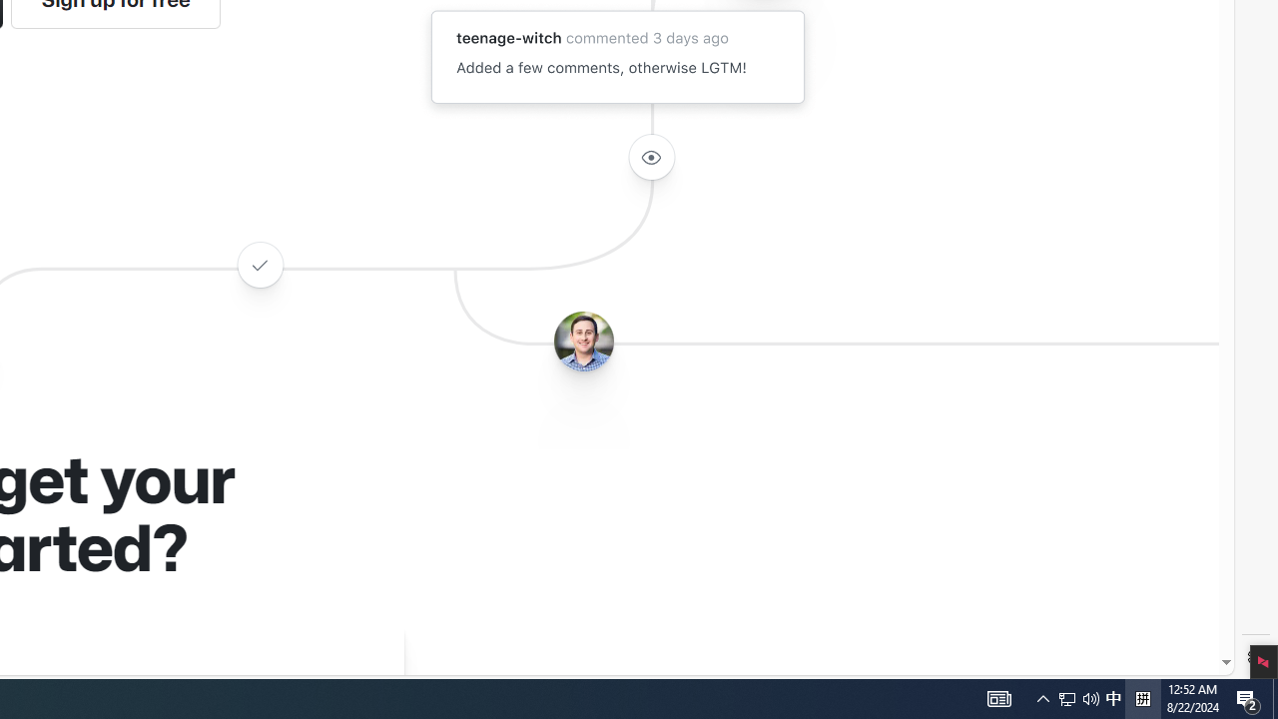 The width and height of the screenshot is (1278, 719). What do you see at coordinates (582, 341) in the screenshot?
I see `'Avatar of the user benbalter'` at bounding box center [582, 341].